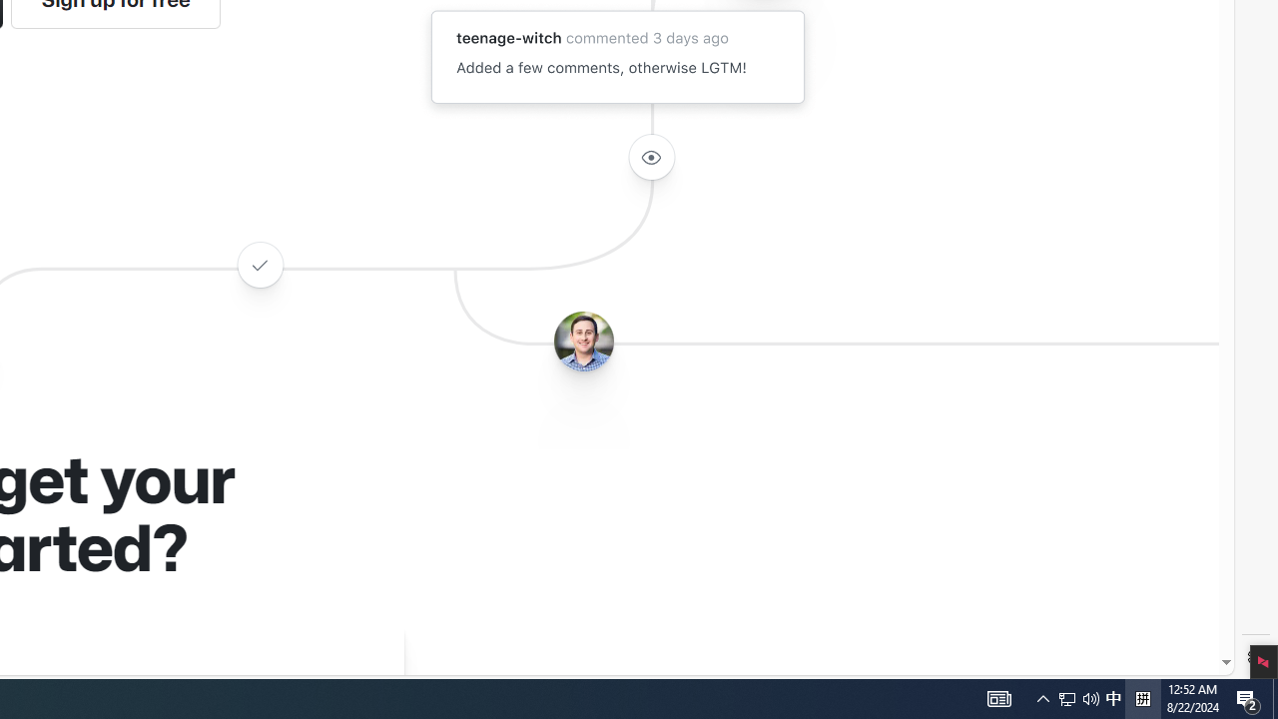 The width and height of the screenshot is (1278, 719). What do you see at coordinates (582, 341) in the screenshot?
I see `'Avatar of the user benbalter'` at bounding box center [582, 341].